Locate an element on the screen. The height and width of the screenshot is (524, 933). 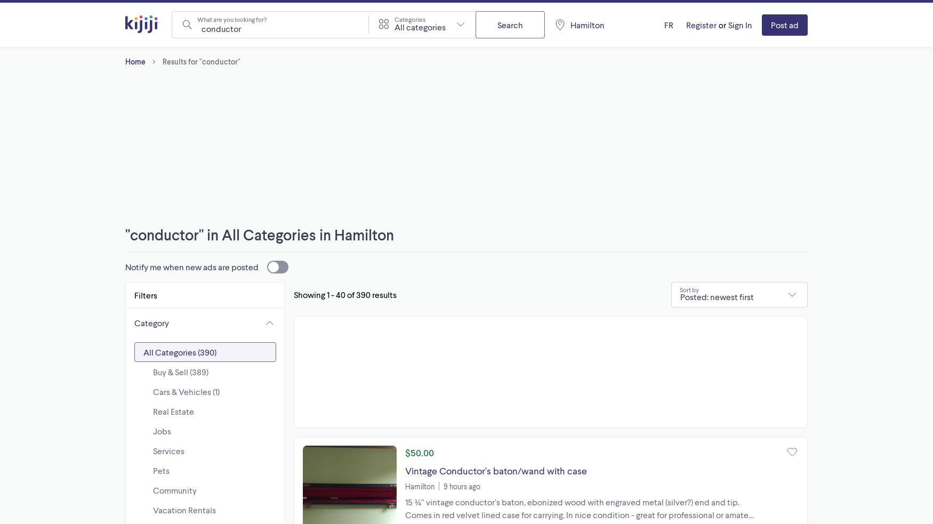
'Pets' is located at coordinates (160, 470).